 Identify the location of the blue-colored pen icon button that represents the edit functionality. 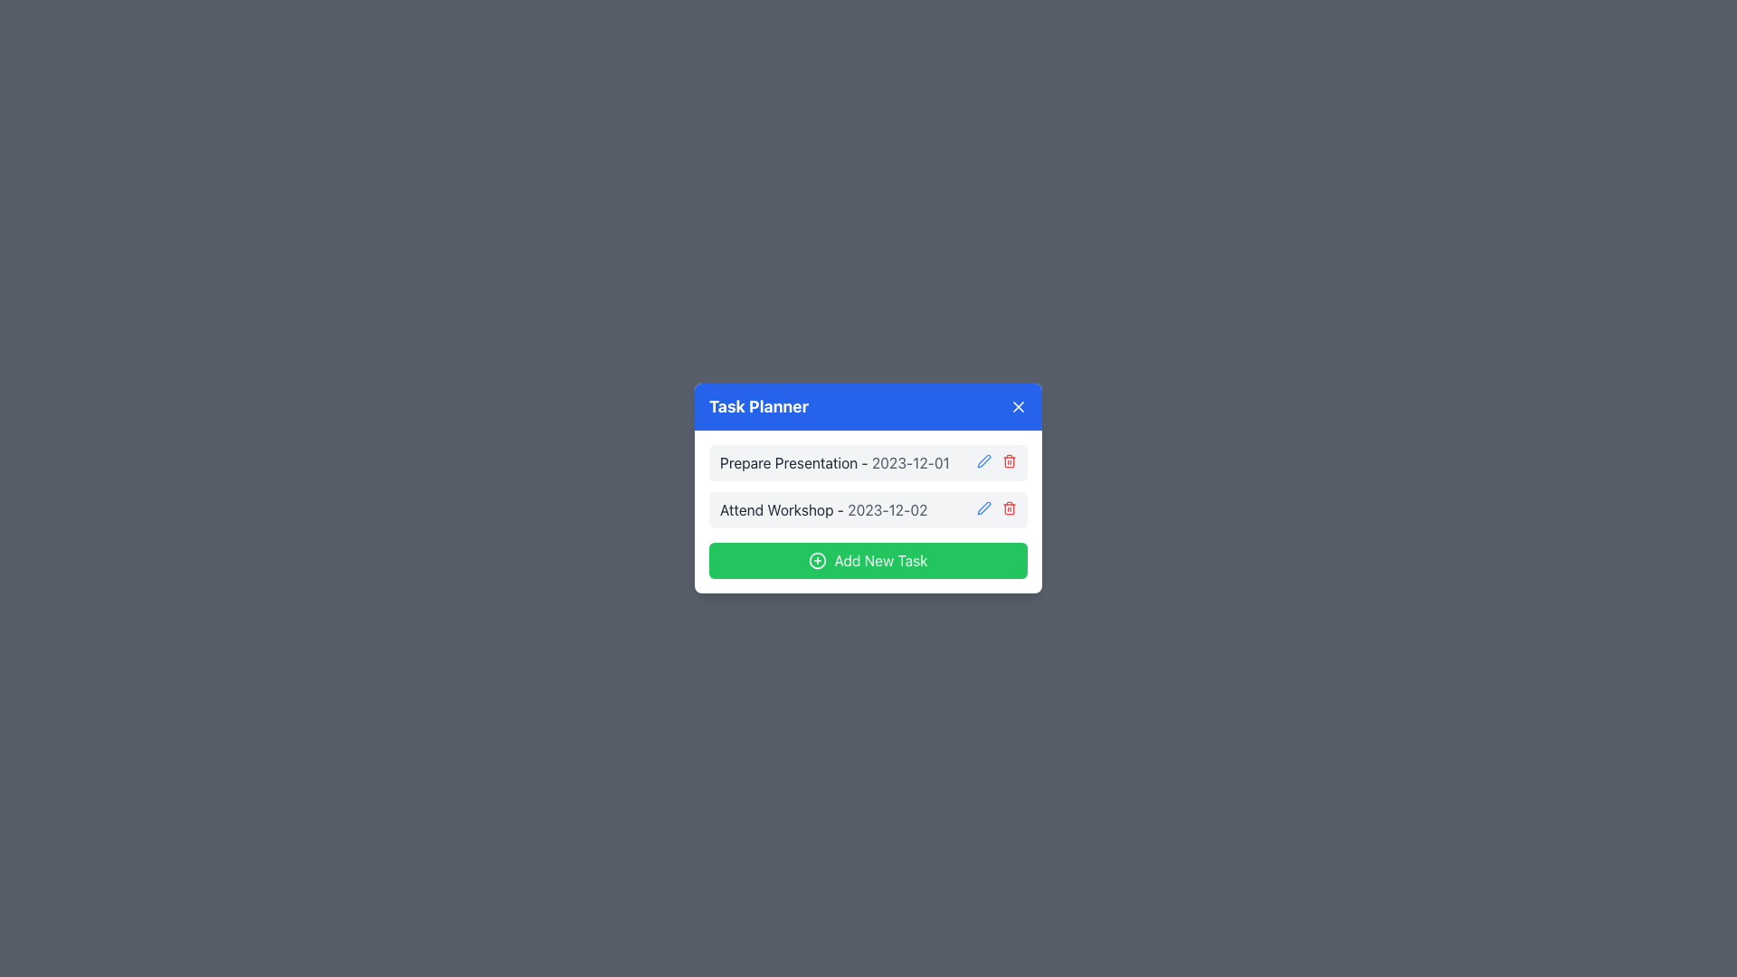
(983, 508).